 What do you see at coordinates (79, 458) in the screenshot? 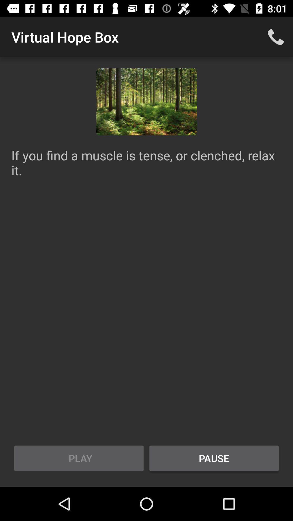
I see `item next to the pause` at bounding box center [79, 458].